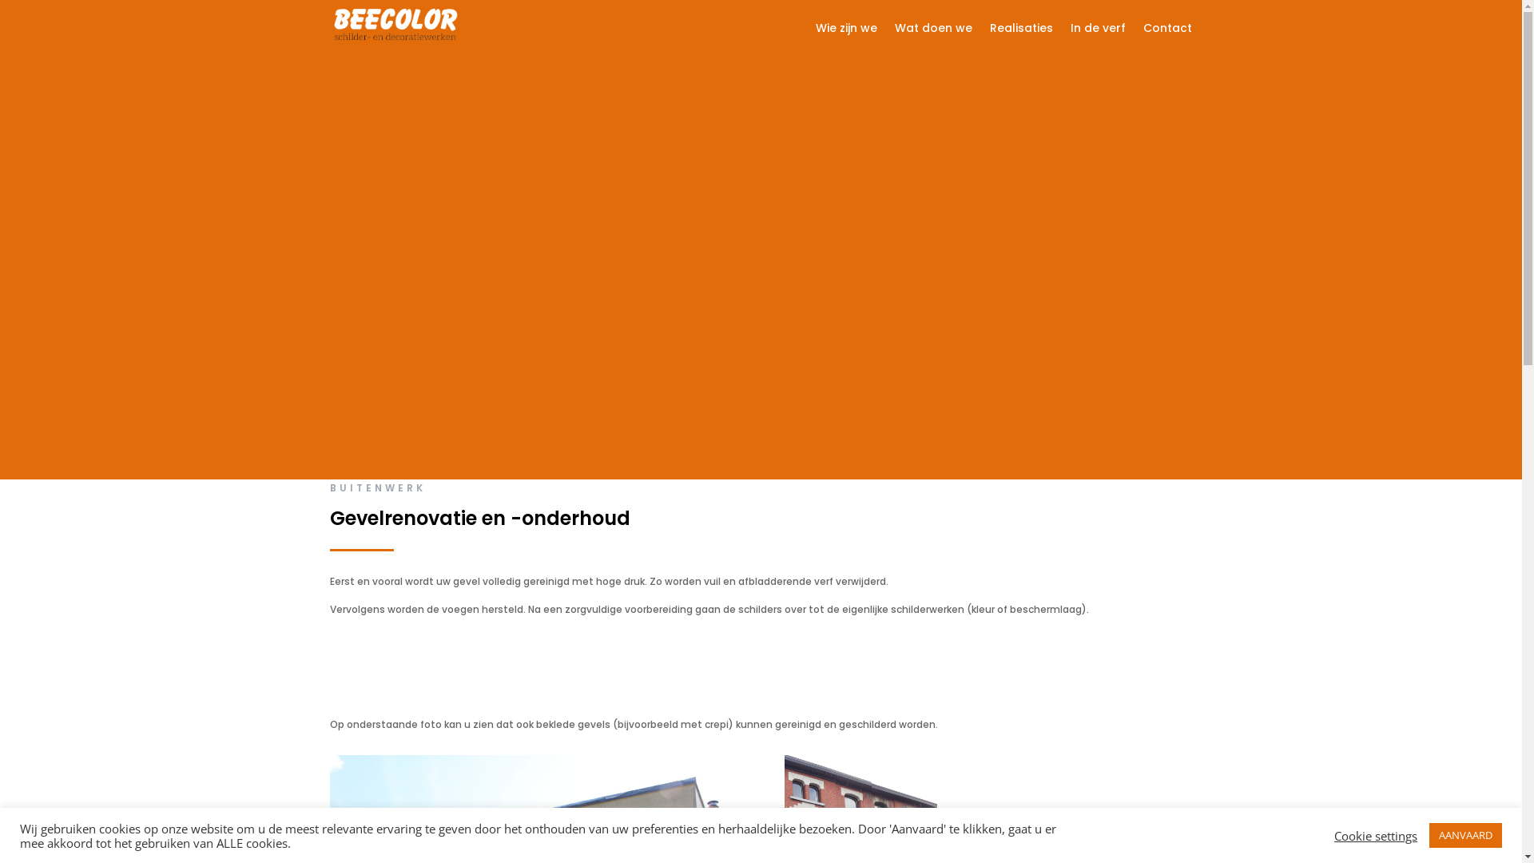  What do you see at coordinates (1167, 30) in the screenshot?
I see `'Contact'` at bounding box center [1167, 30].